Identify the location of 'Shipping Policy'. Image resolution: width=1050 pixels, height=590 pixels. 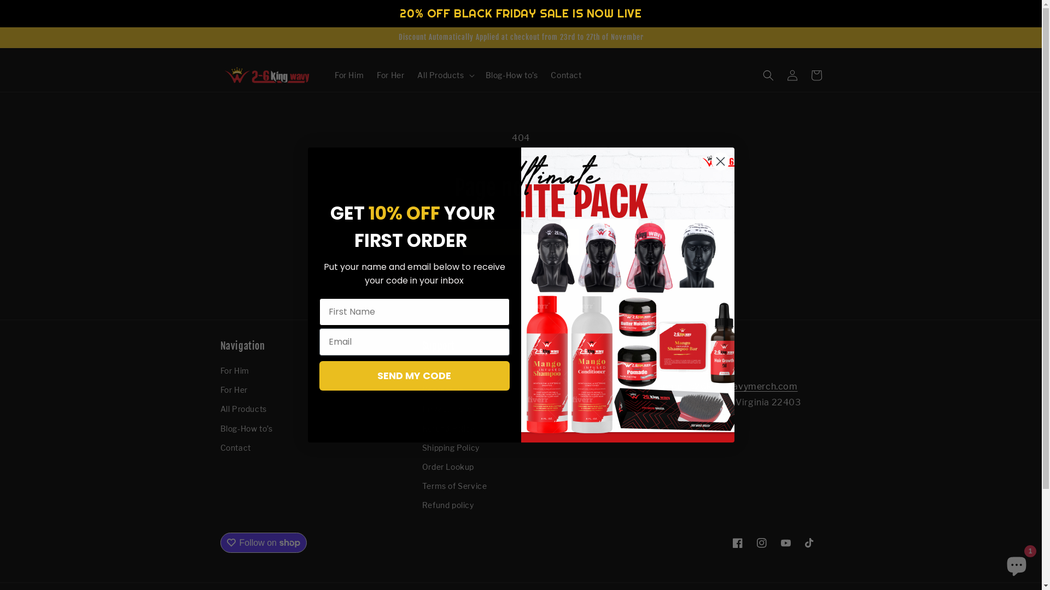
(451, 447).